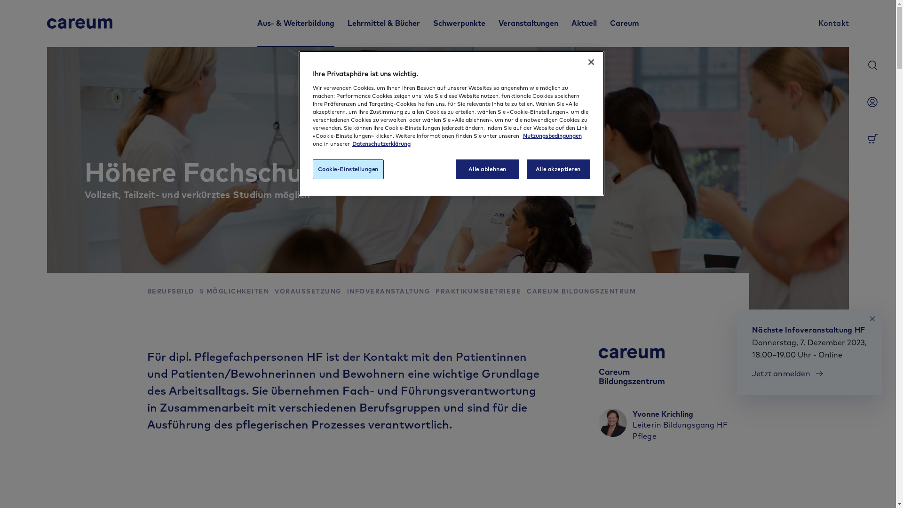 The image size is (903, 508). Describe the element at coordinates (347, 168) in the screenshot. I see `'Cookie-Einstellungen'` at that location.